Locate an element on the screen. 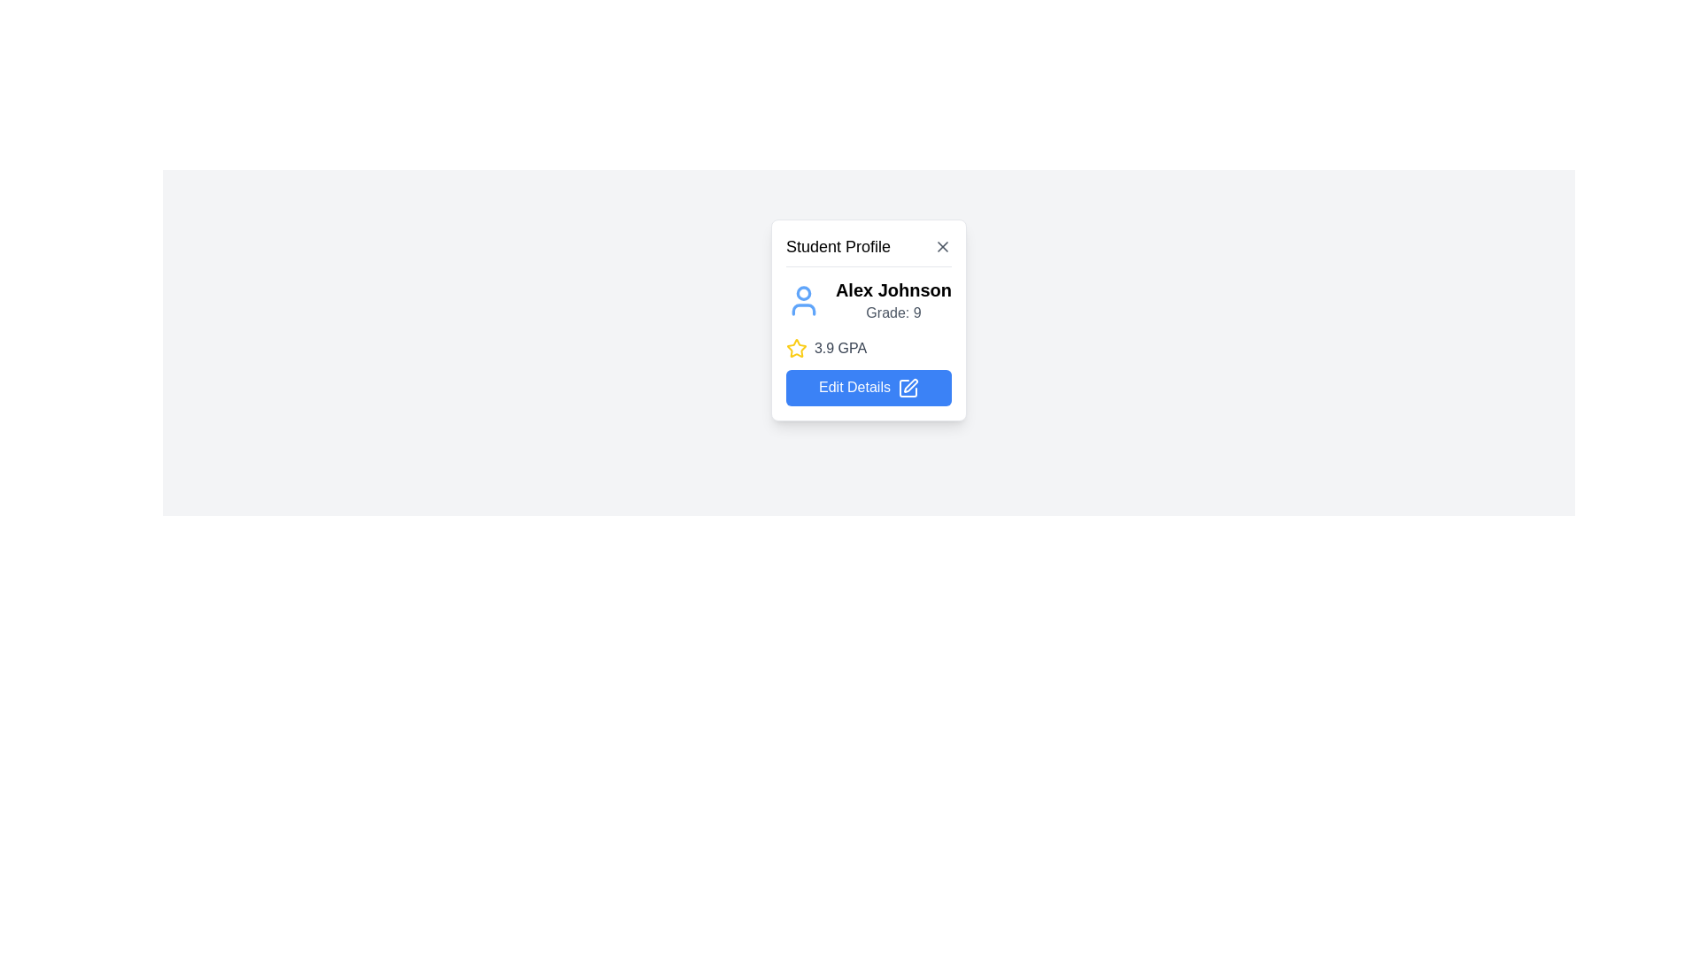  the Text Label displaying the full name 'Alex Johnson' for accessibility features is located at coordinates (893, 289).